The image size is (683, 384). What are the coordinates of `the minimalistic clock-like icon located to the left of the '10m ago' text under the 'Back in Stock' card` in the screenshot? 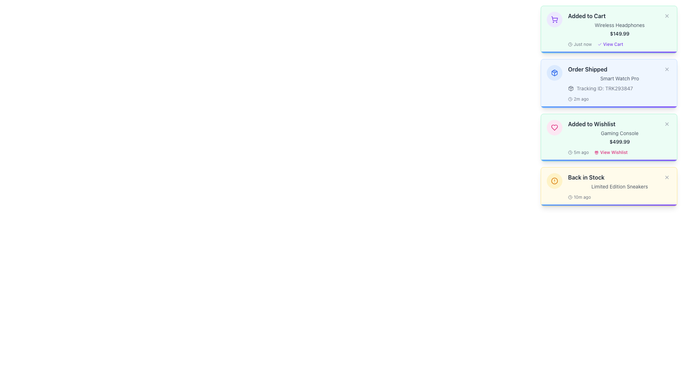 It's located at (570, 197).